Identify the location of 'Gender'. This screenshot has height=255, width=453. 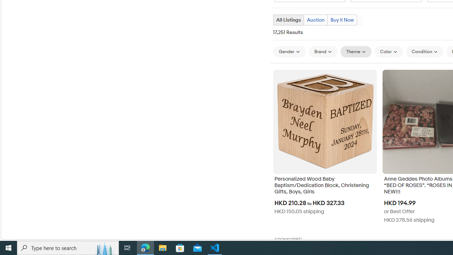
(289, 51).